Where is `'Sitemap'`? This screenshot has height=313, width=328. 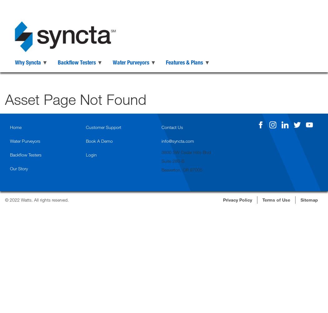
'Sitemap' is located at coordinates (309, 199).